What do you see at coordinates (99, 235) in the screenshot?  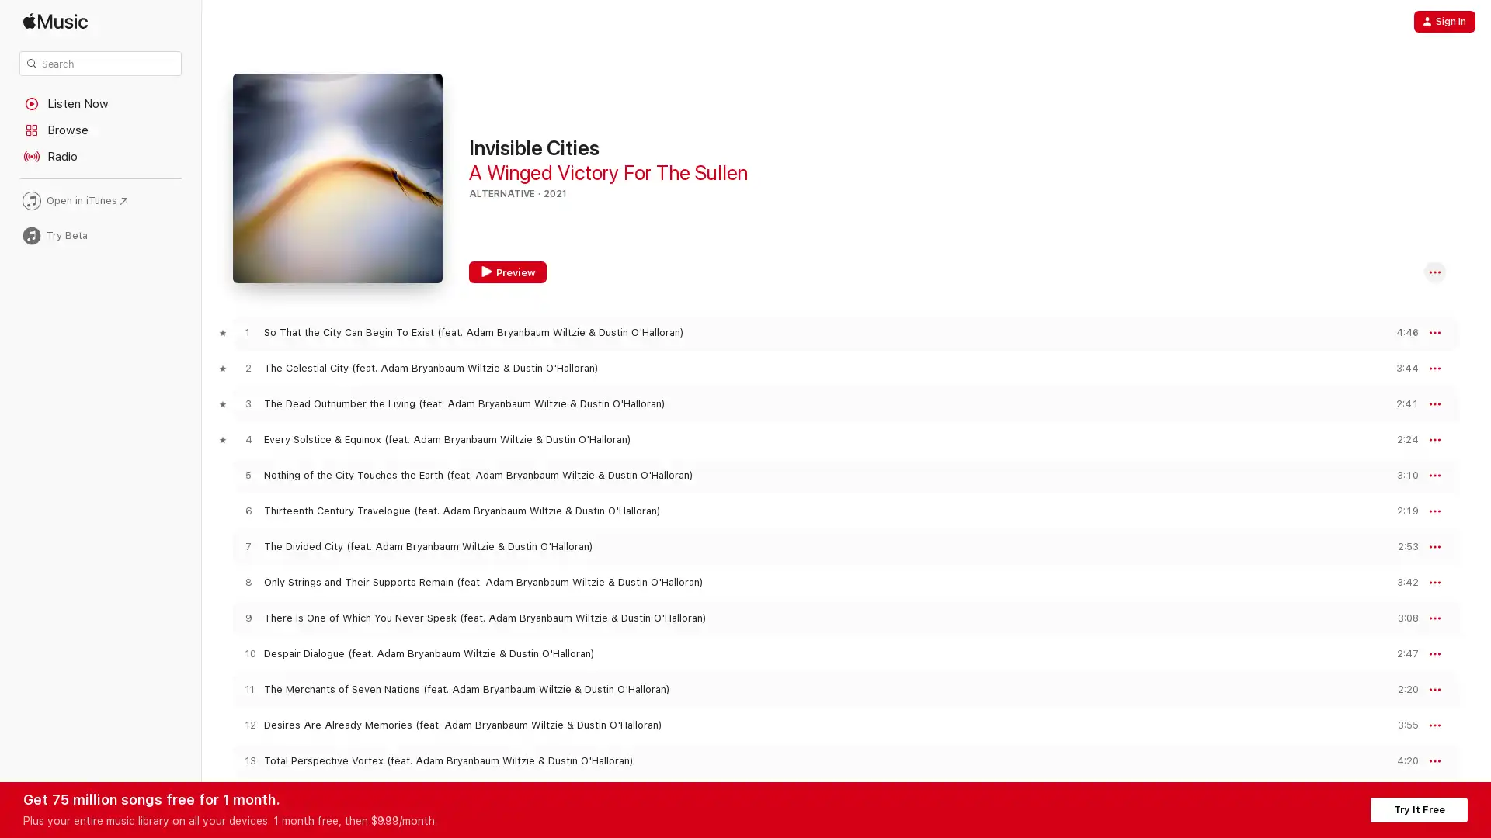 I see `Try Beta` at bounding box center [99, 235].